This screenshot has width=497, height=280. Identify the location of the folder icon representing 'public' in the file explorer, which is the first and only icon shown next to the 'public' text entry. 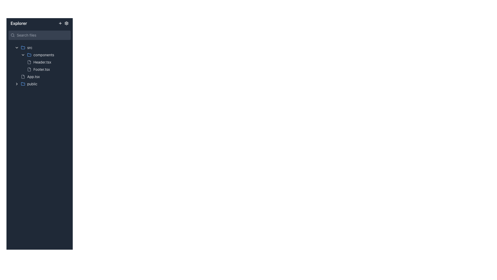
(23, 83).